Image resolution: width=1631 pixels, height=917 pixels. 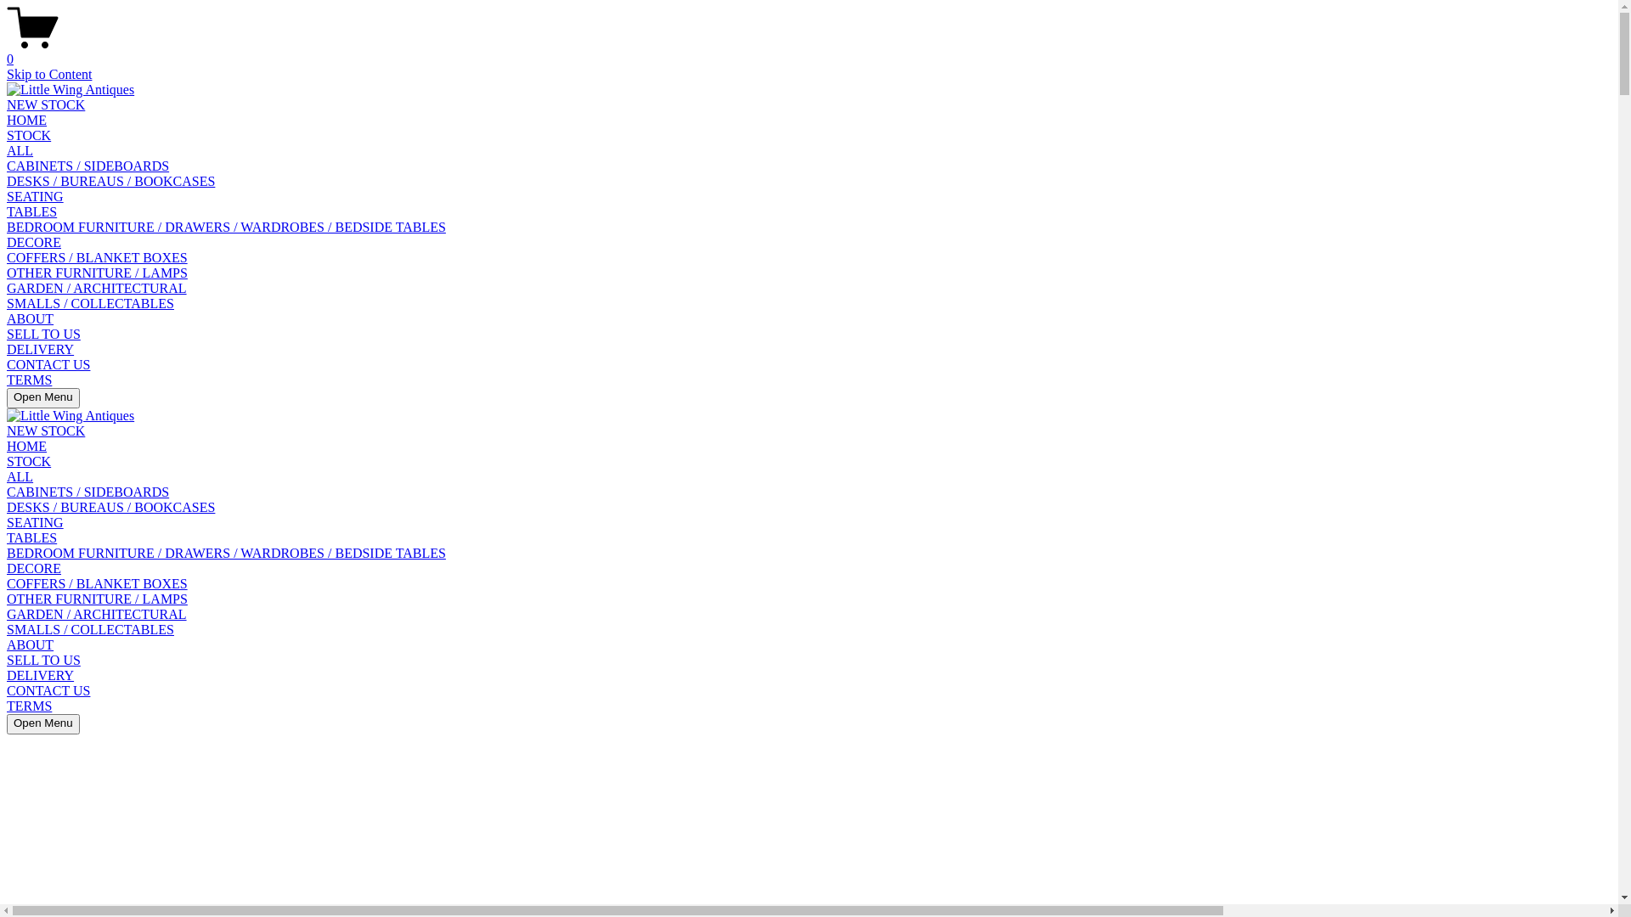 What do you see at coordinates (28, 461) in the screenshot?
I see `'STOCK'` at bounding box center [28, 461].